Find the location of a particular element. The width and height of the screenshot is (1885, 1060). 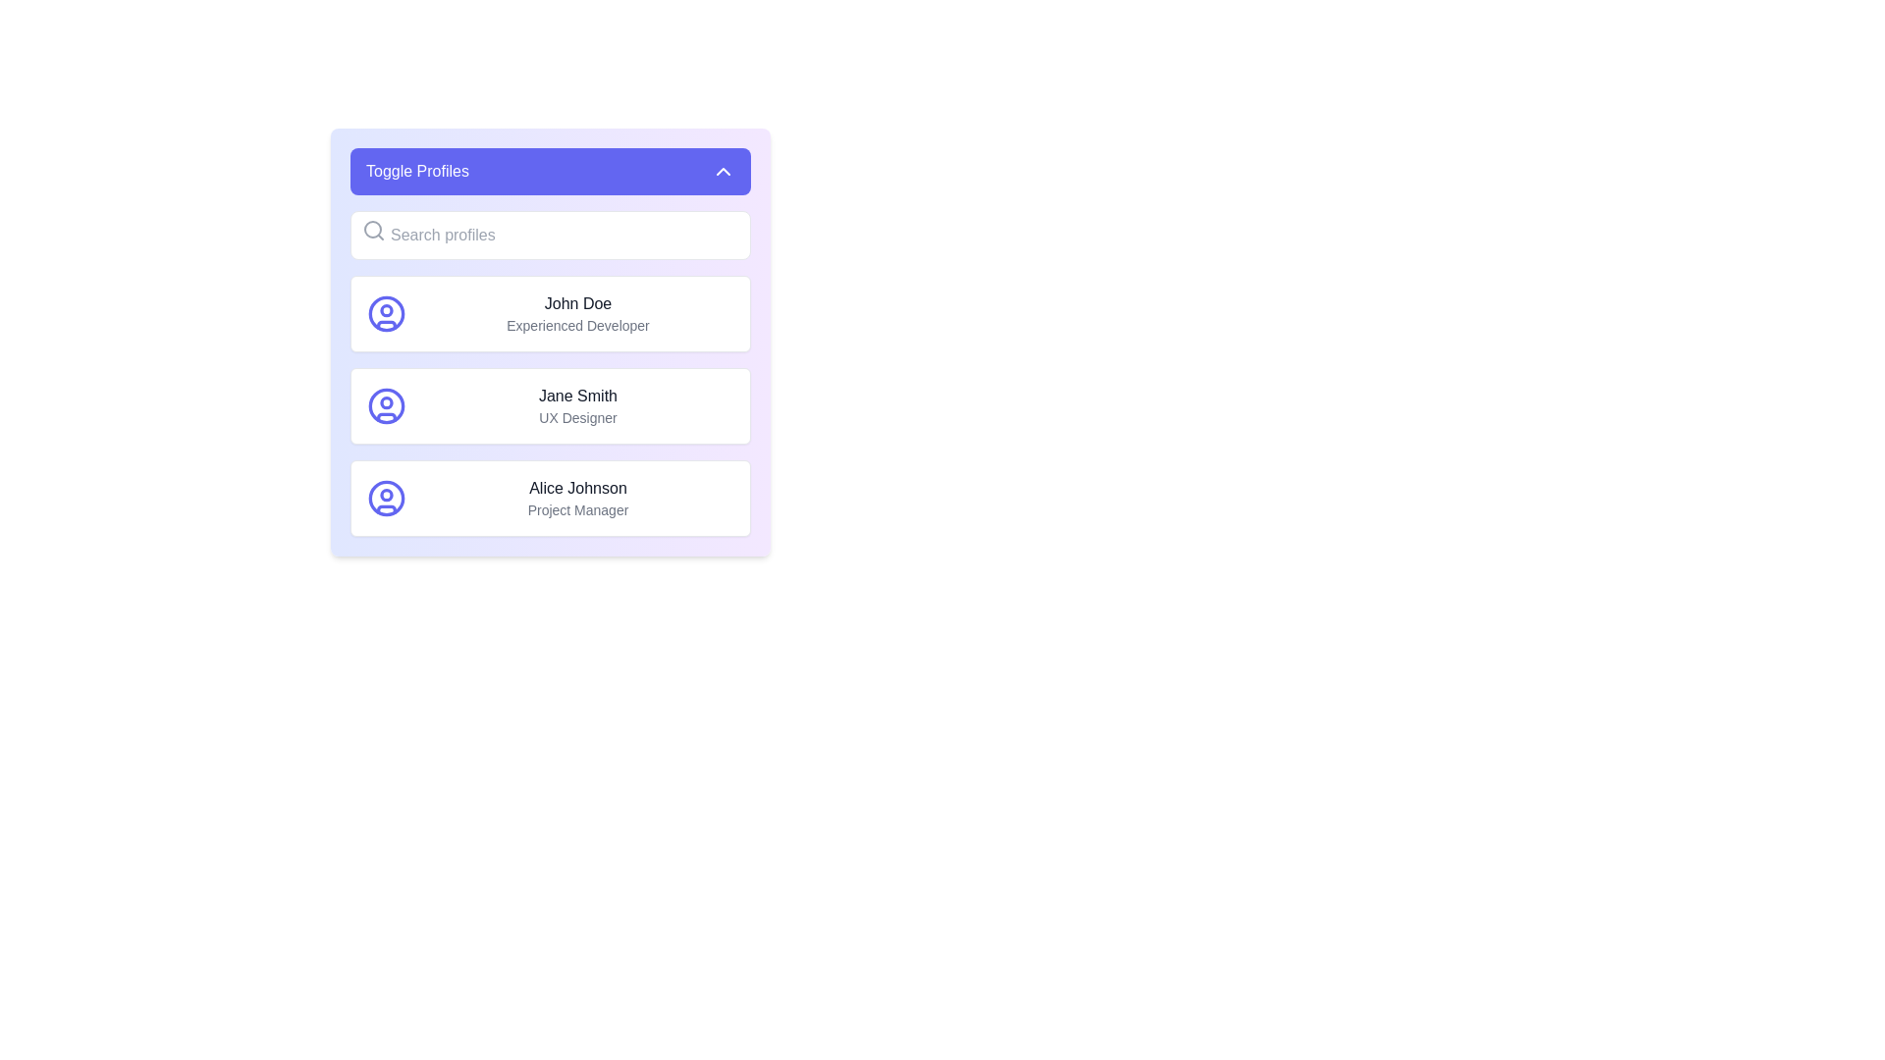

the profile list display box is located at coordinates (550, 341).